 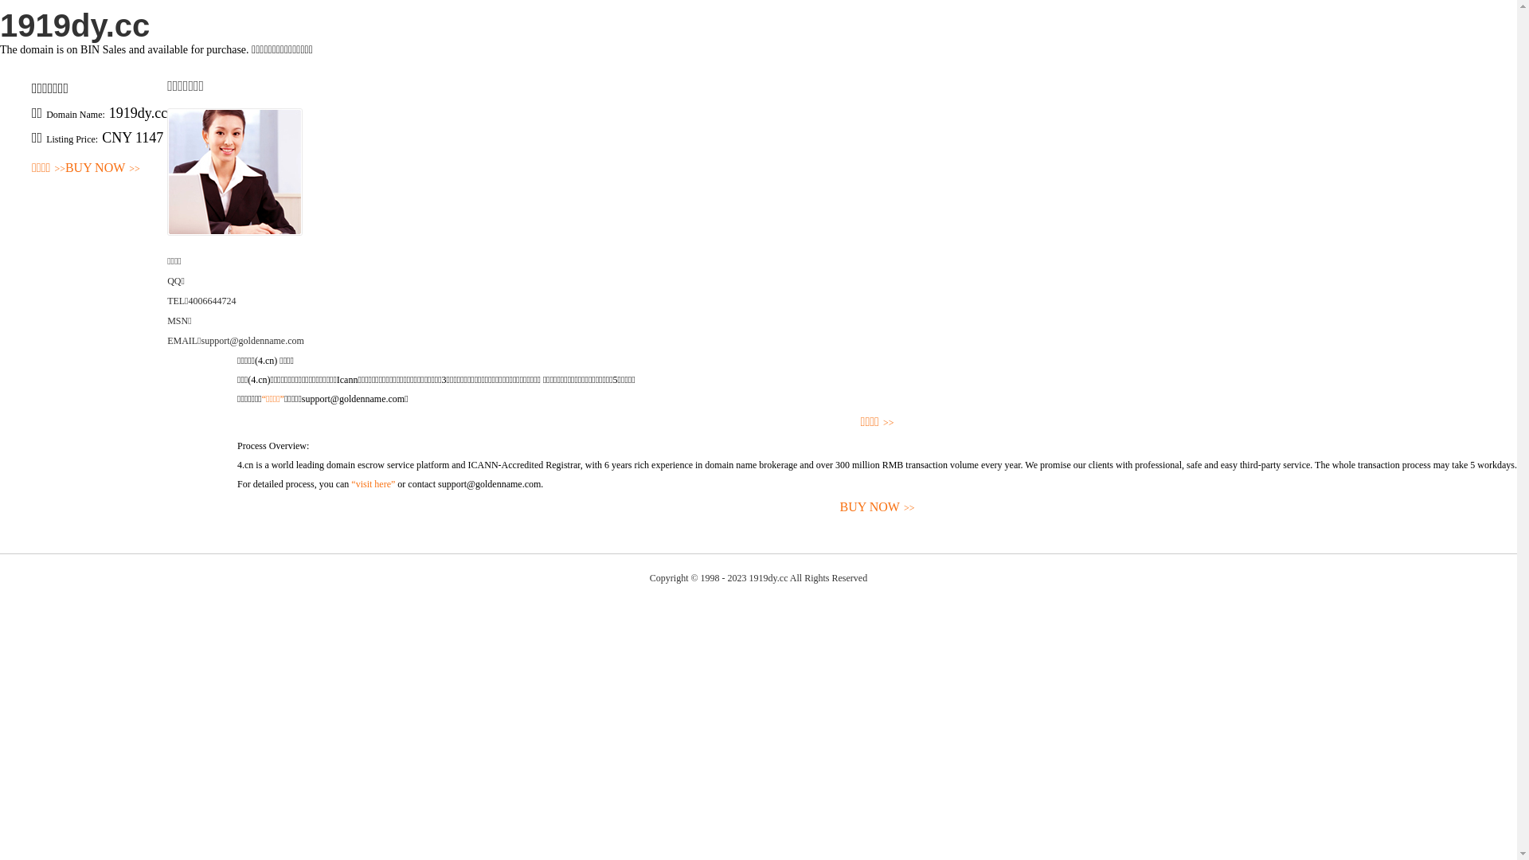 I want to click on 'BUY NOW>>', so click(x=102, y=168).